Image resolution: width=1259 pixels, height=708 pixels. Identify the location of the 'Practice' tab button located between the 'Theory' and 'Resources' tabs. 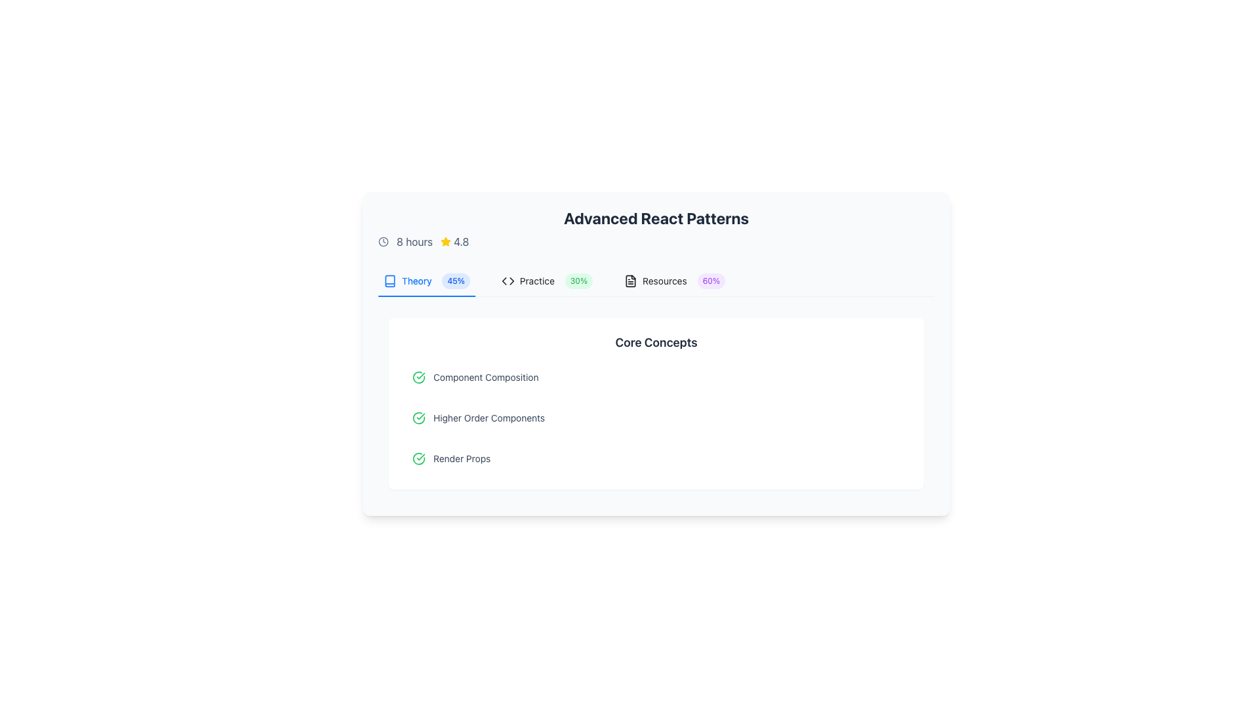
(547, 280).